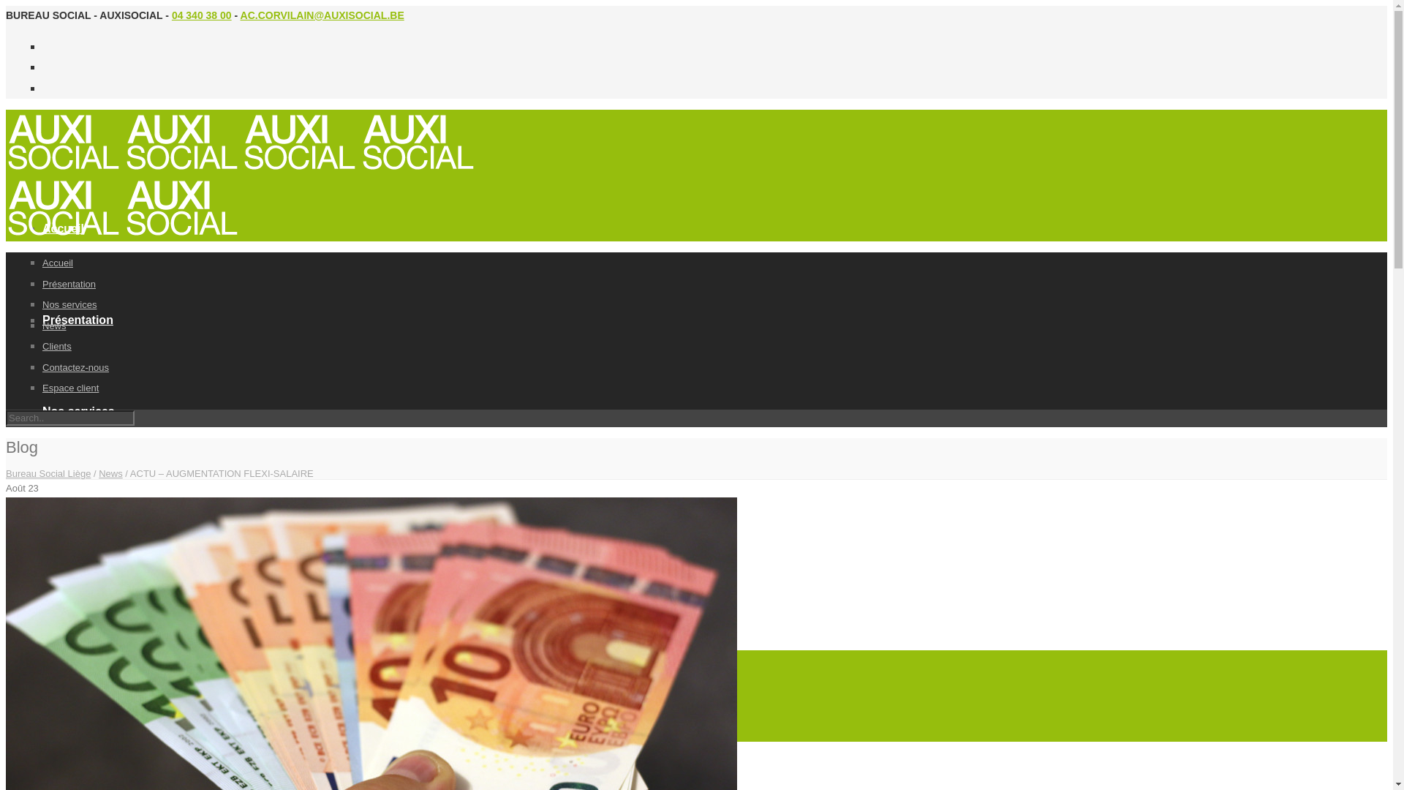 The height and width of the screenshot is (790, 1404). Describe the element at coordinates (56, 346) in the screenshot. I see `'Clients'` at that location.